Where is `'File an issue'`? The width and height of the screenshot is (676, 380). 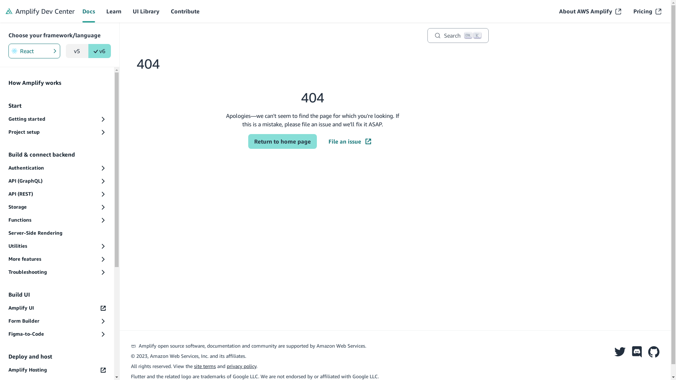
'File an issue' is located at coordinates (350, 141).